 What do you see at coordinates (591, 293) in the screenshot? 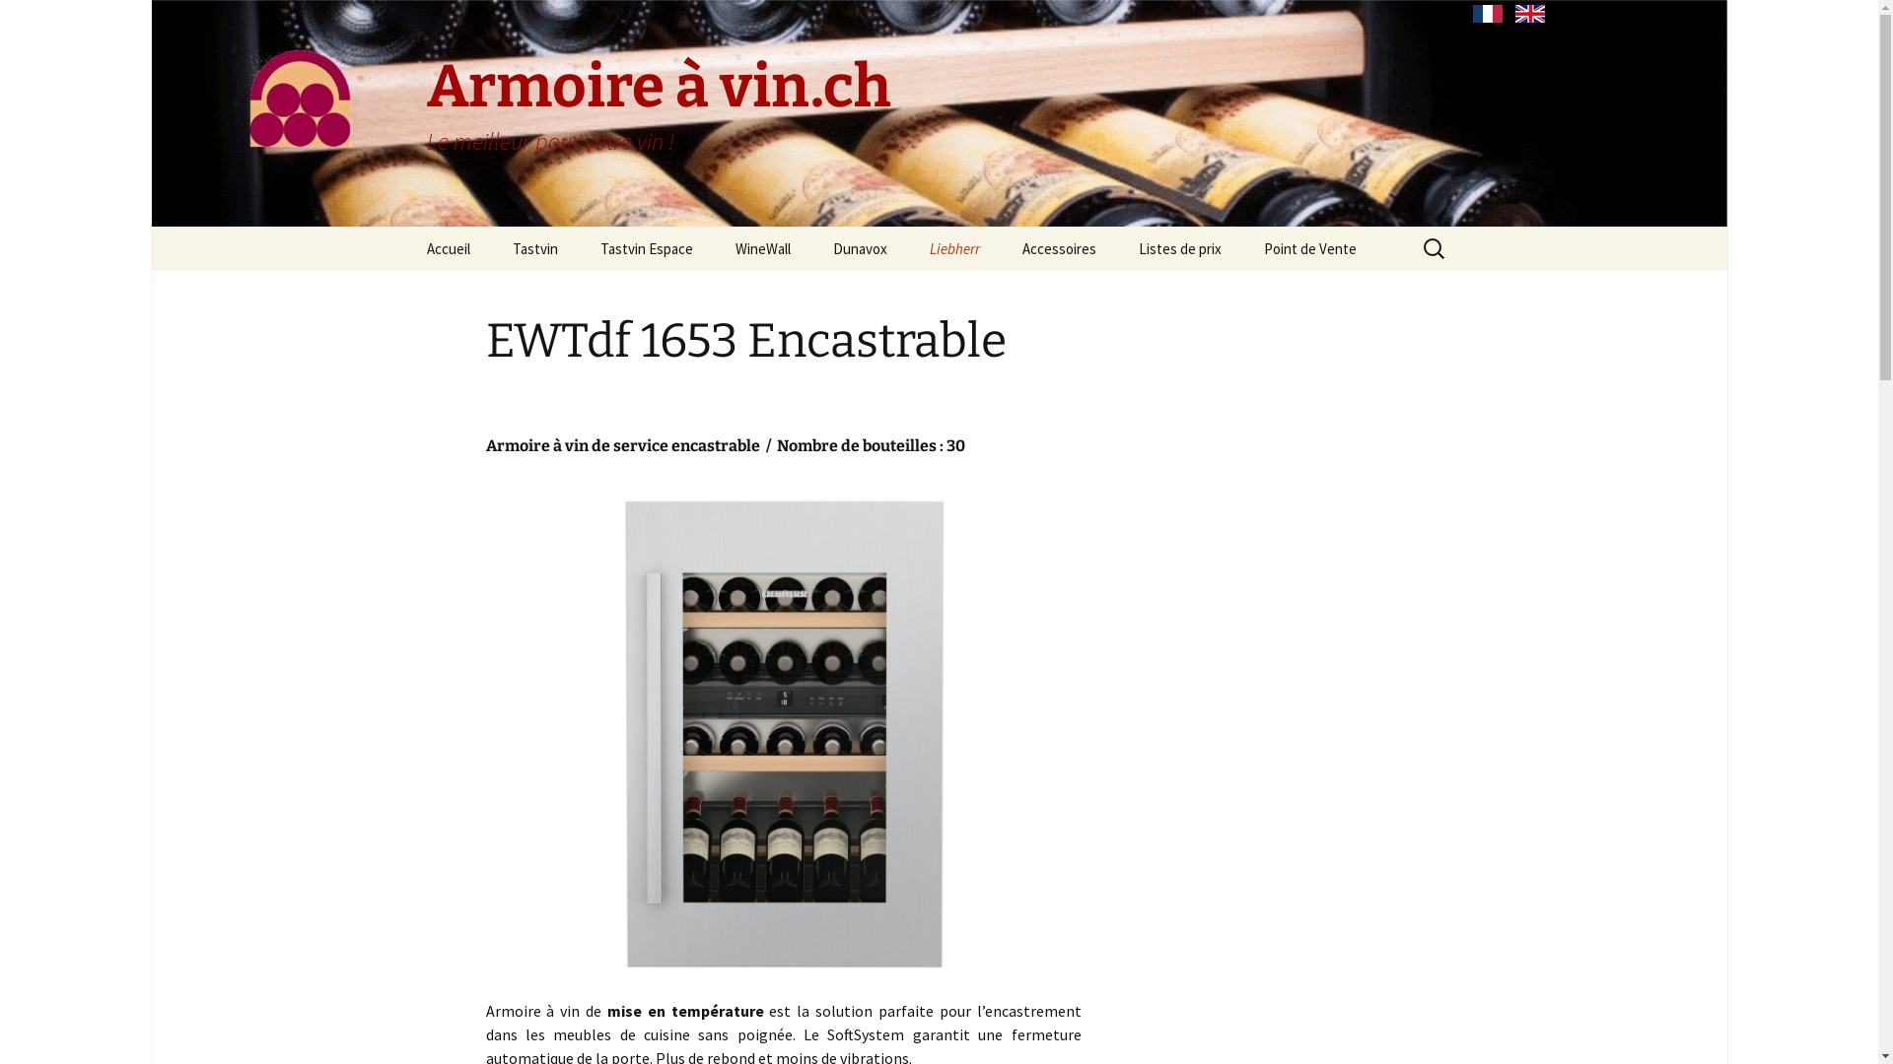
I see `'Tastvin Vieillissement'` at bounding box center [591, 293].